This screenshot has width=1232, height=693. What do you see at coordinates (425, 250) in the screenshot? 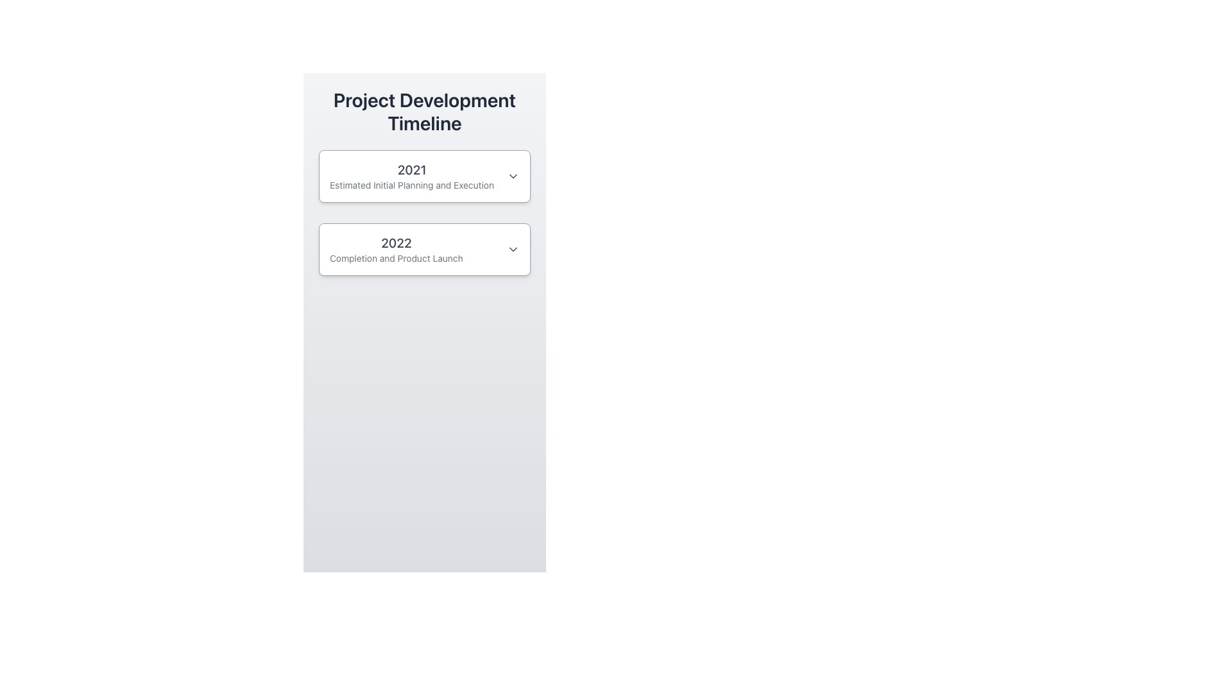
I see `the Collapsible list item titled '2022' with a subtitle 'Completion and Product Launch', which is styled with a larger bold font and has an arrow icon on the right, located below the 'Project Development Timeline' header` at bounding box center [425, 250].